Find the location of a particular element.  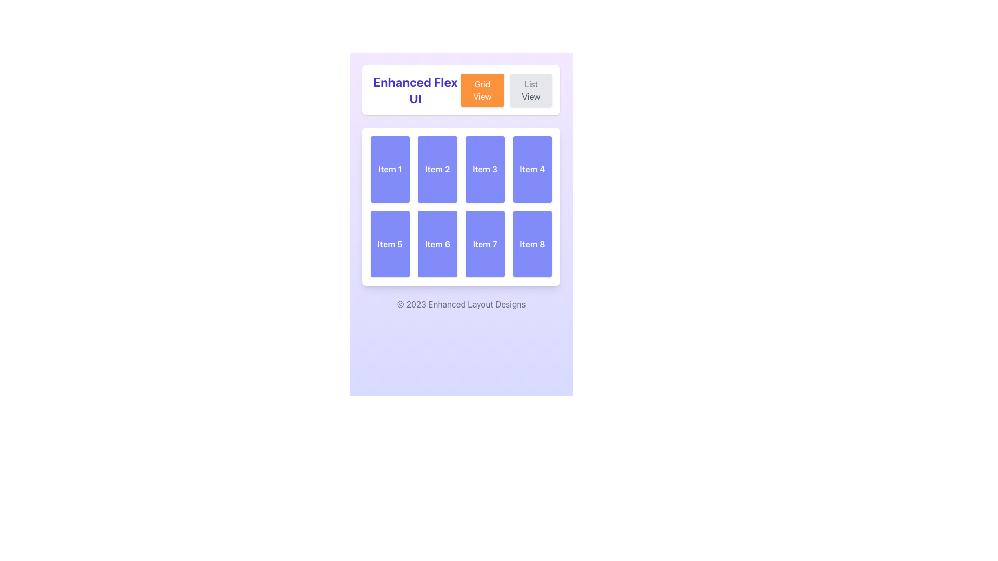

the fourth grid item located at the top right corner of the grid is located at coordinates (532, 169).